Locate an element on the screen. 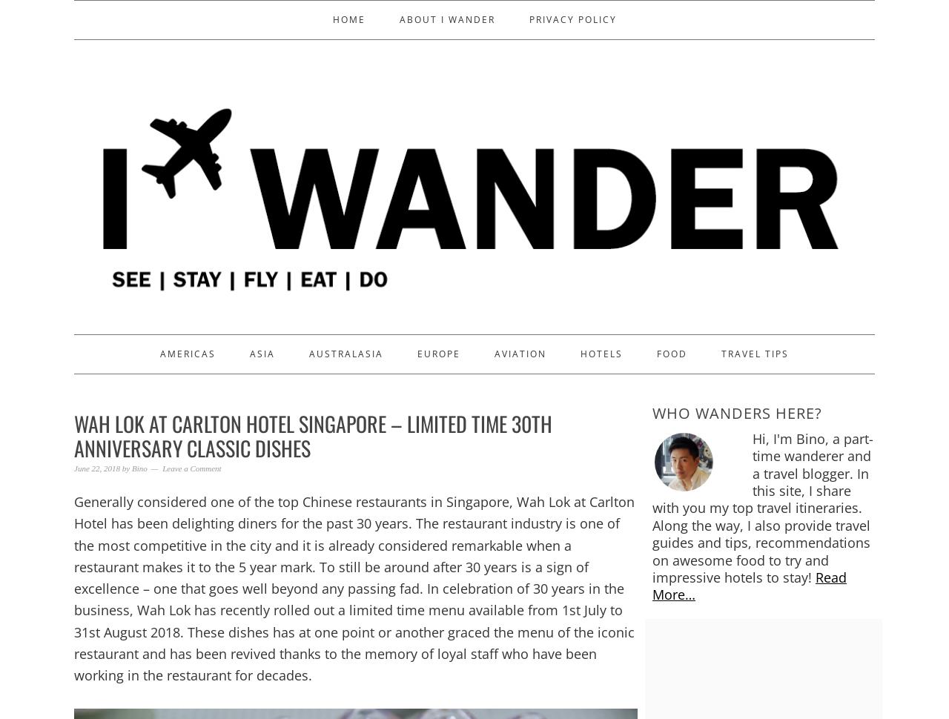 Image resolution: width=949 pixels, height=719 pixels. 'Food' is located at coordinates (671, 352).